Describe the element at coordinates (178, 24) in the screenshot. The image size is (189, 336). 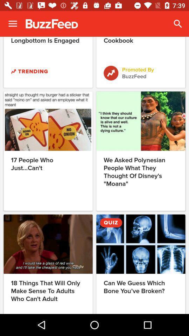
I see `the icon next to the god damnit neville icon` at that location.